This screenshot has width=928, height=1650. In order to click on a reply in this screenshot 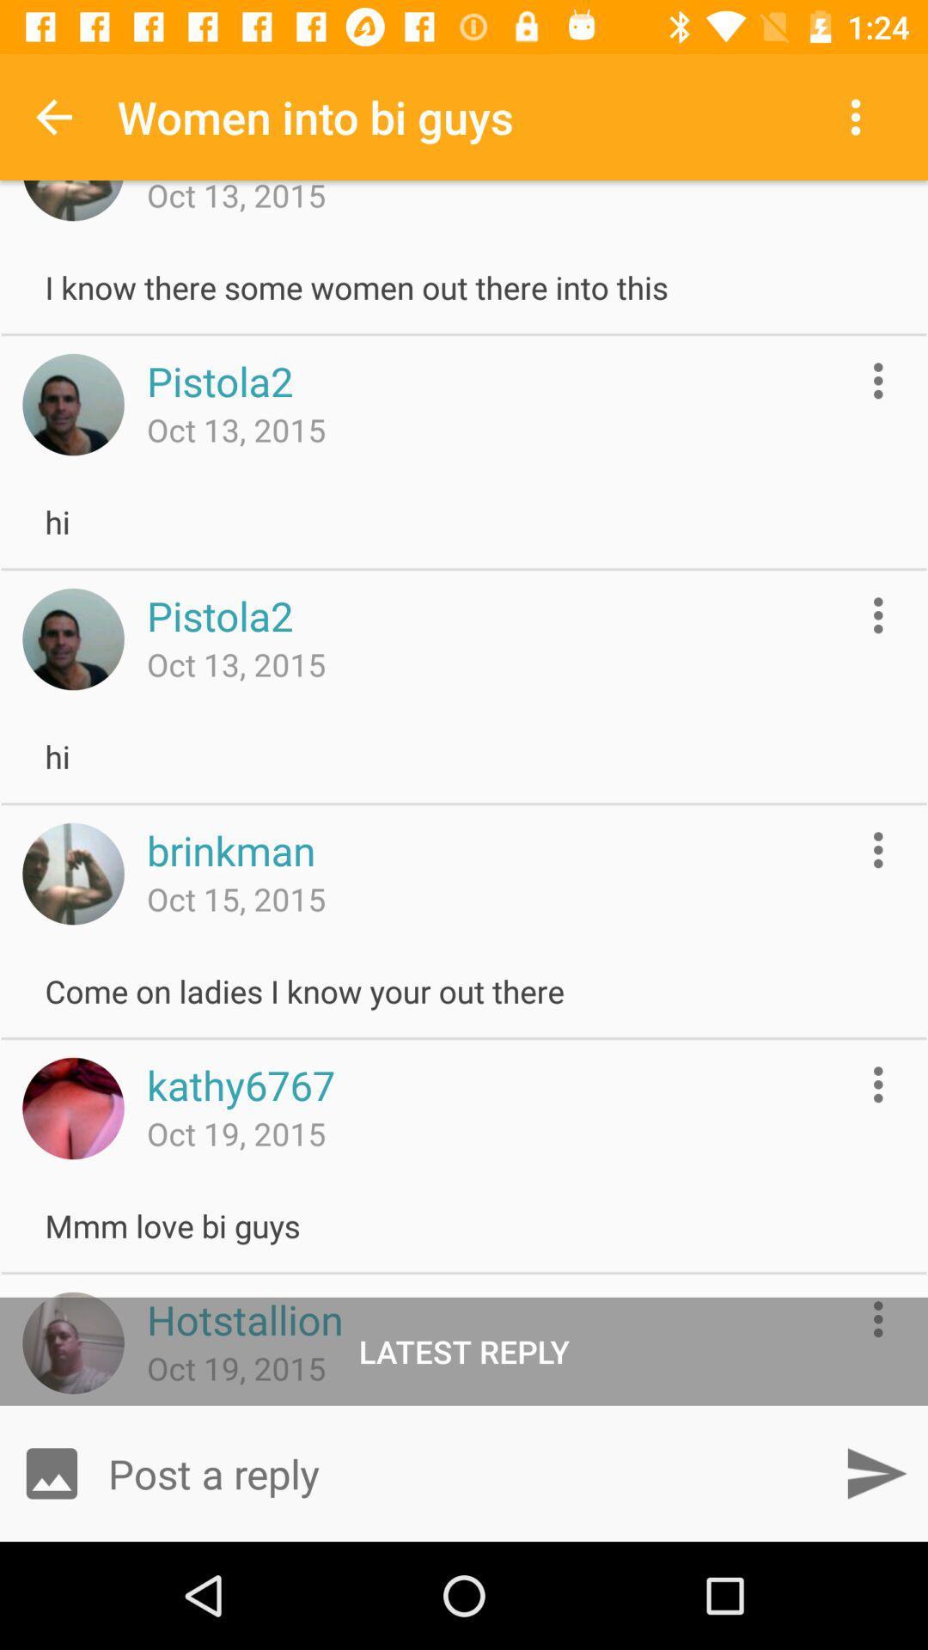, I will do `click(464, 1472)`.